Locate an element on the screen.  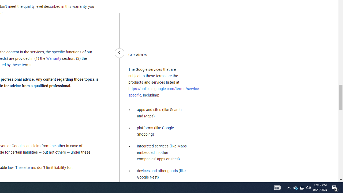
'liabilities' is located at coordinates (30, 152).